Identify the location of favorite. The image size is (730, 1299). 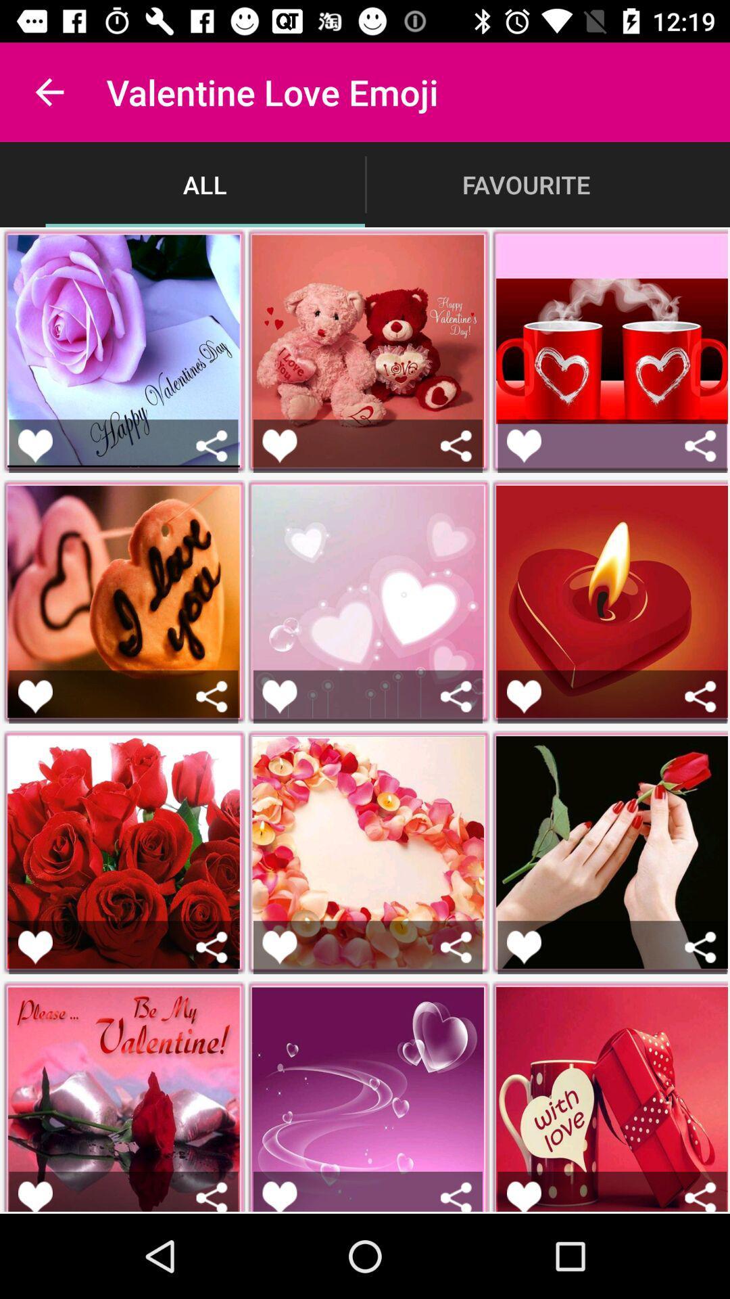
(34, 947).